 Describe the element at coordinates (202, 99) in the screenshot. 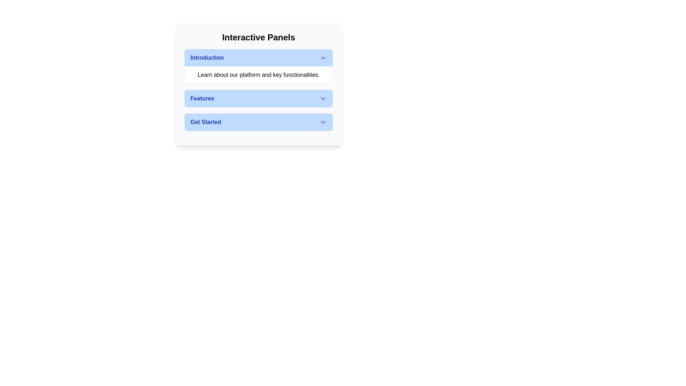

I see `the text label` at that location.